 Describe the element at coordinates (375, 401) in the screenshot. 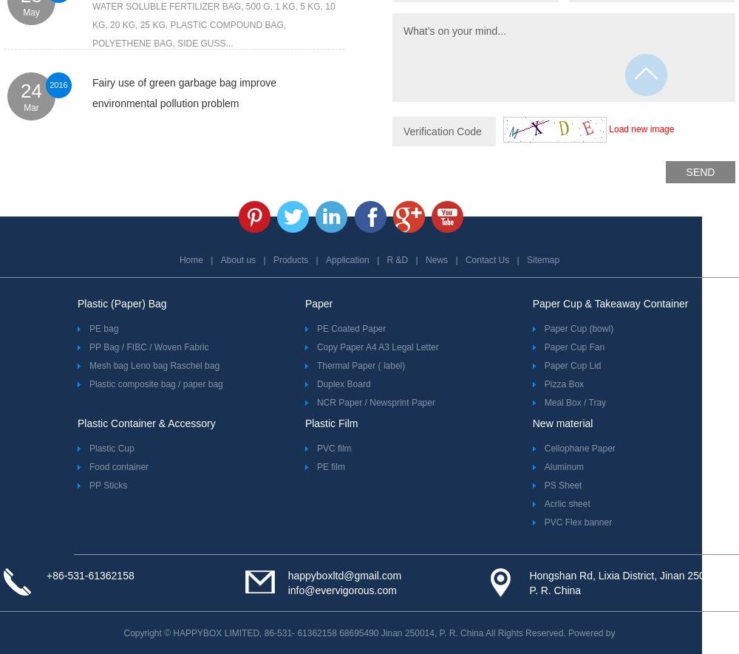

I see `'NCR Paper / Newsprint Paper'` at that location.